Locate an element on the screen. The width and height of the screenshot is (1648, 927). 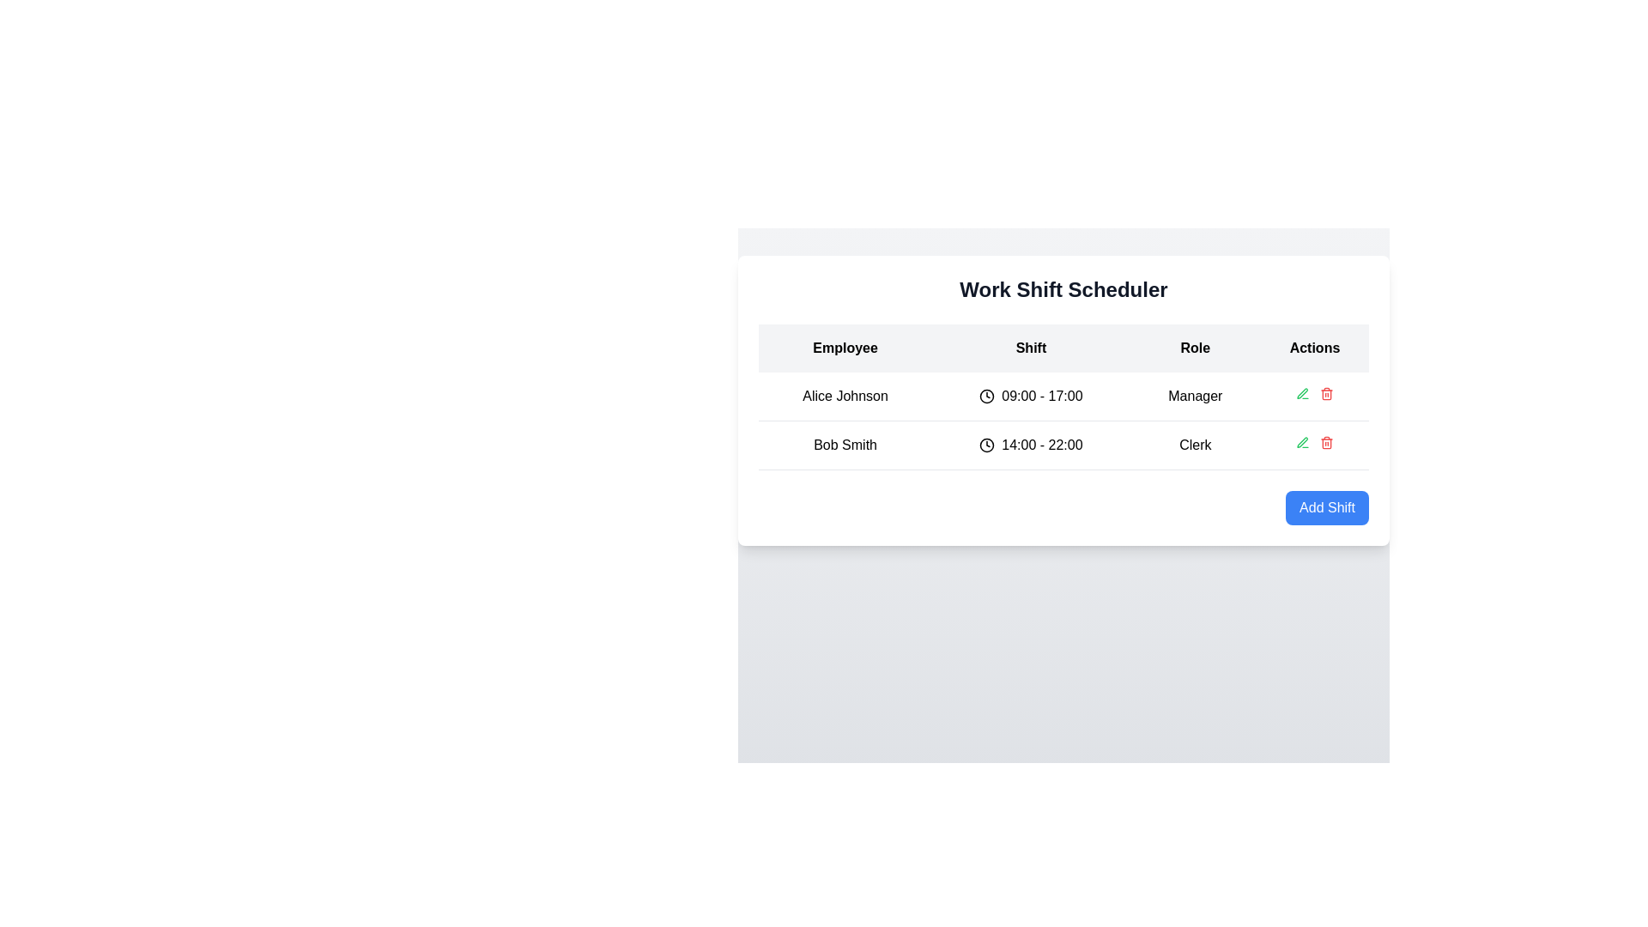
the clock icon next to the shift timing for 'Alice Johnson' in the table, which visually represents the concept of time is located at coordinates (987, 397).